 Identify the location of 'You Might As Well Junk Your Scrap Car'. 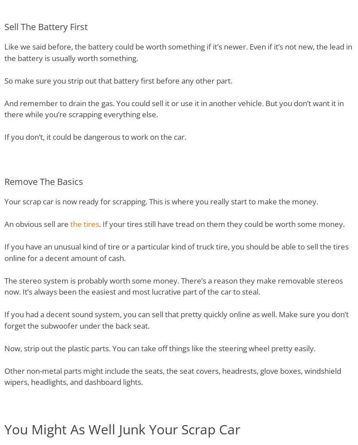
(122, 429).